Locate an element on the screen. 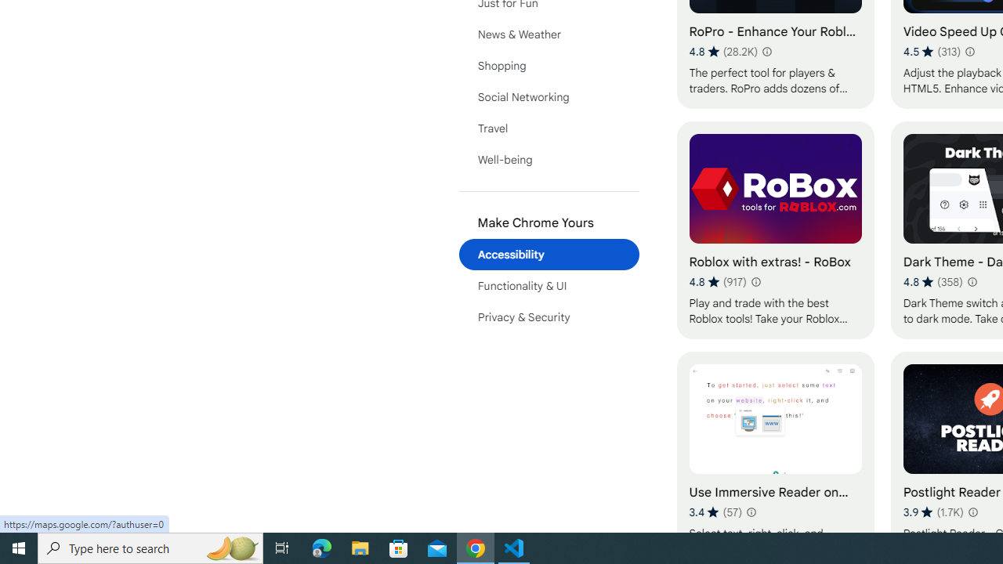 This screenshot has width=1003, height=564. 'Roblox with extras! - RoBox' is located at coordinates (775, 230).